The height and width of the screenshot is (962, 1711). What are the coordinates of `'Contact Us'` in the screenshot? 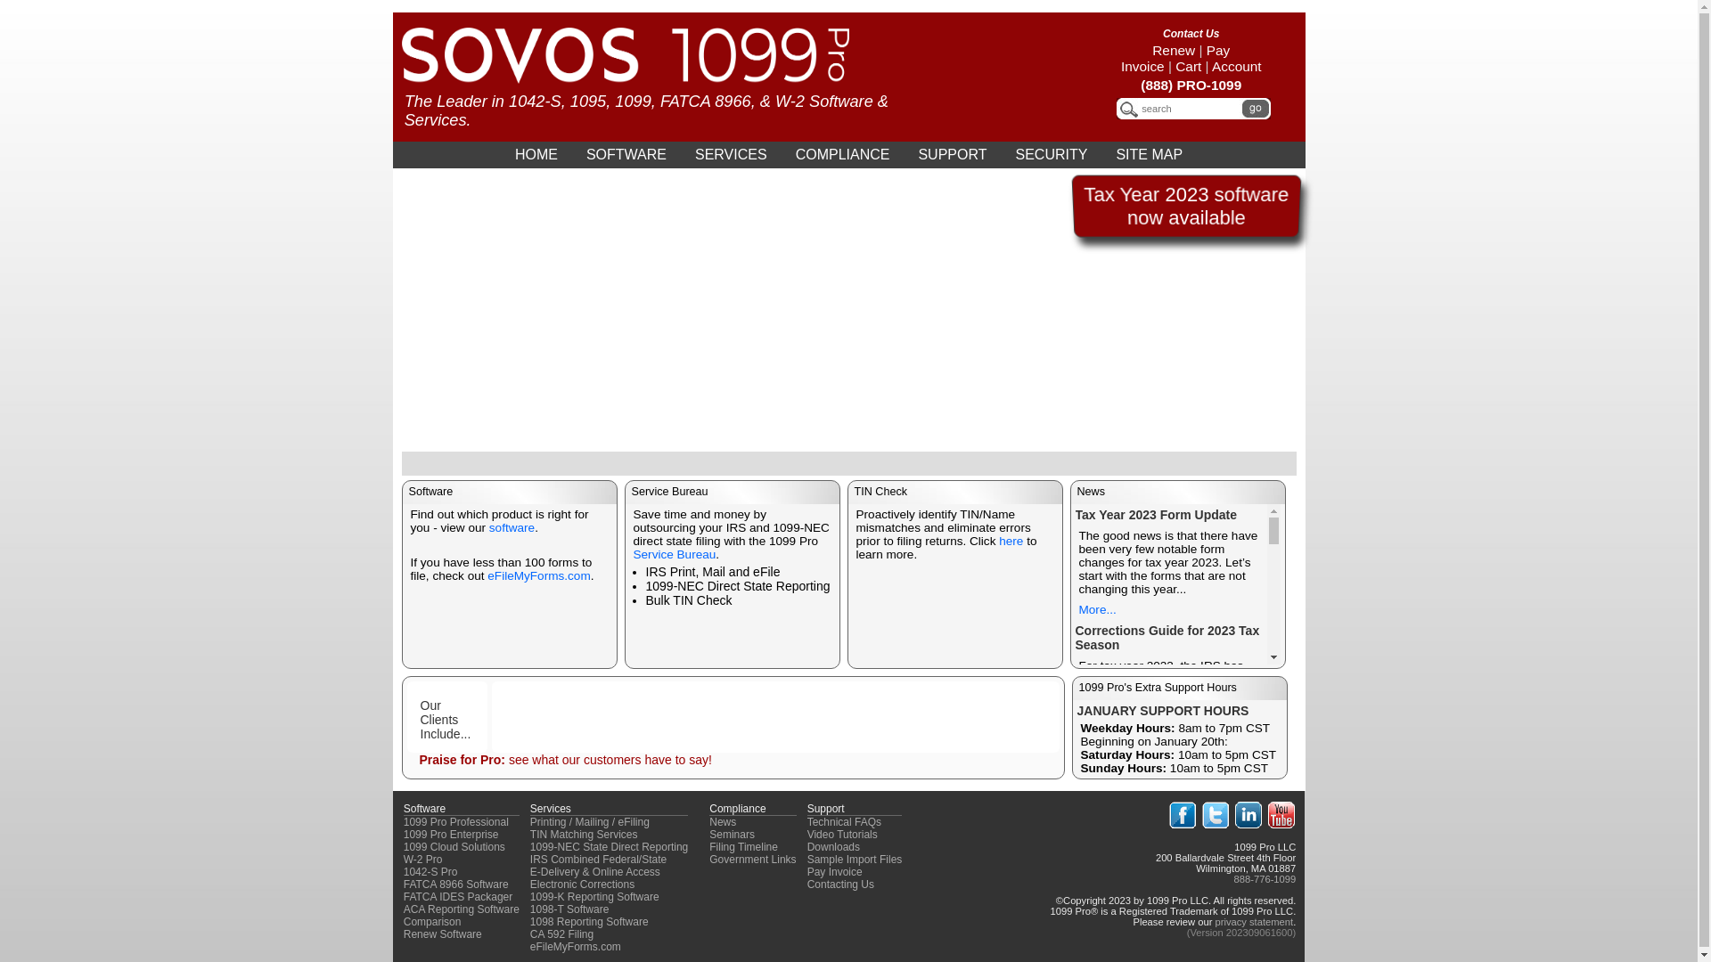 It's located at (1191, 34).